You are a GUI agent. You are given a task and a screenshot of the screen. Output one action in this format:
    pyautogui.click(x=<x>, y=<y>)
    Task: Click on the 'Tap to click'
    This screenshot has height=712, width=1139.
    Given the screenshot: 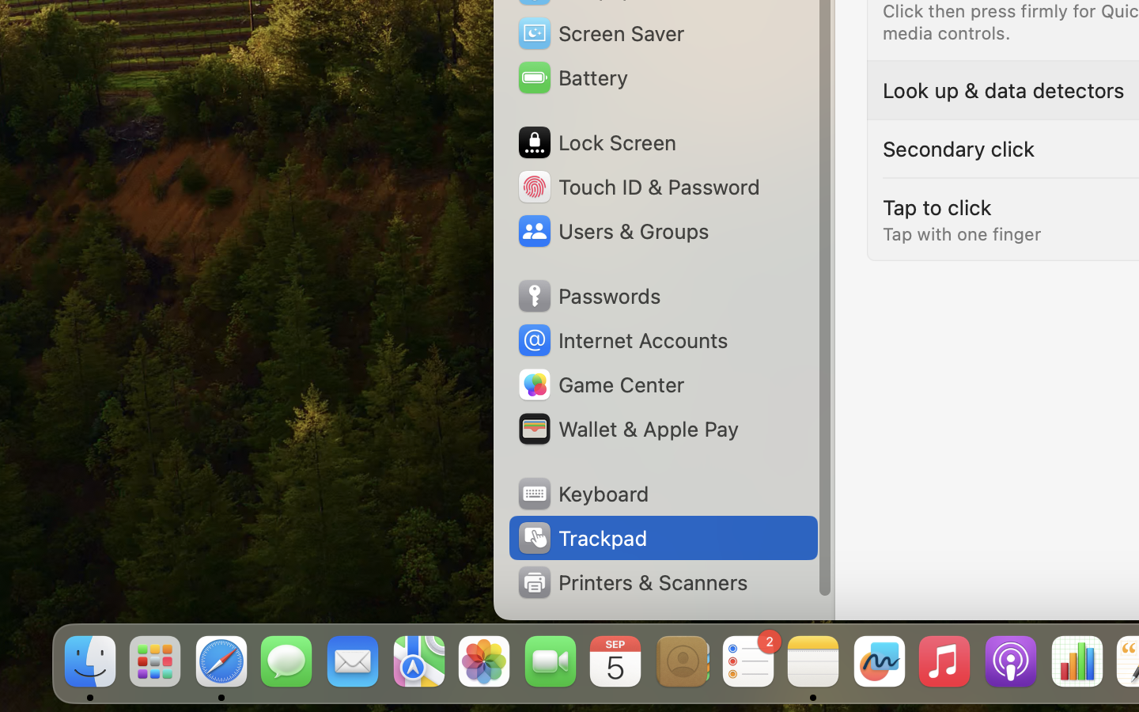 What is the action you would take?
    pyautogui.click(x=937, y=206)
    